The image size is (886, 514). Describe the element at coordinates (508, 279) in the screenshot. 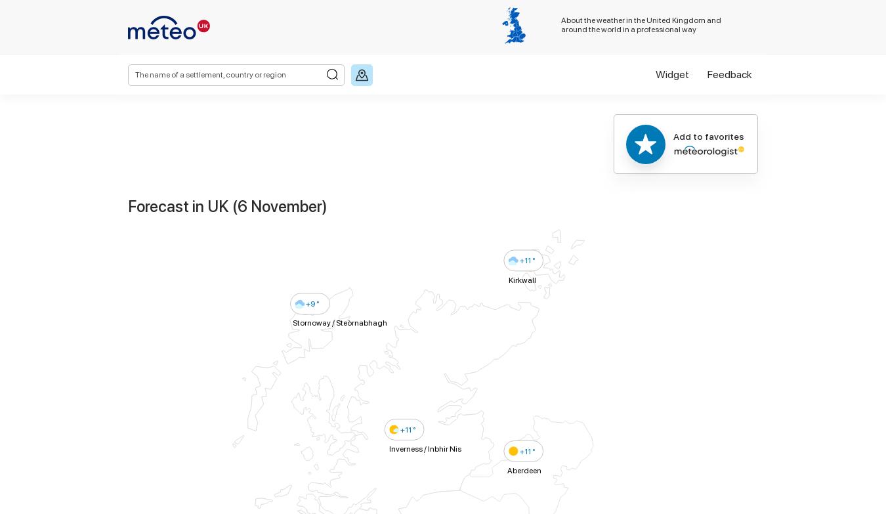

I see `'Kirkwall'` at that location.